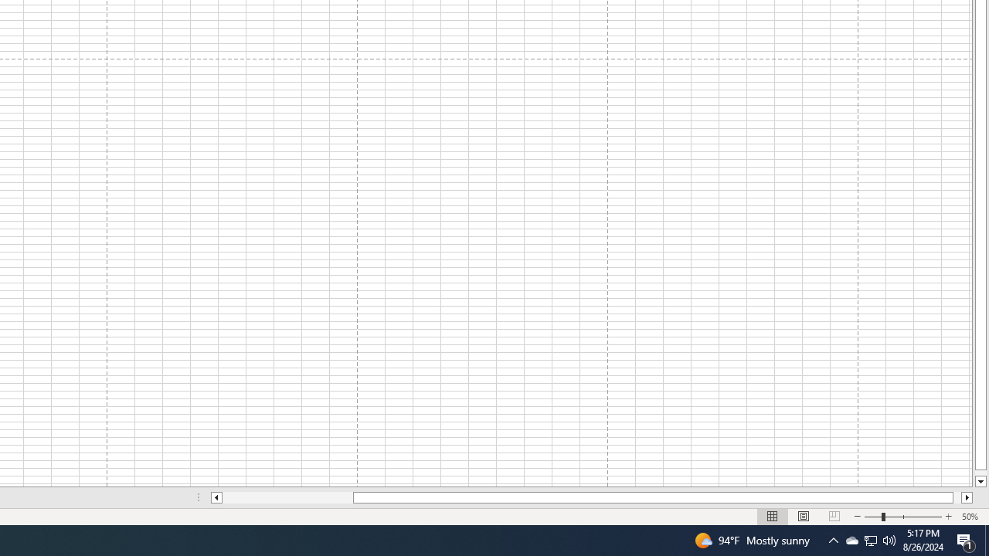 The image size is (989, 556). Describe the element at coordinates (872, 517) in the screenshot. I see `'Zoom Out'` at that location.